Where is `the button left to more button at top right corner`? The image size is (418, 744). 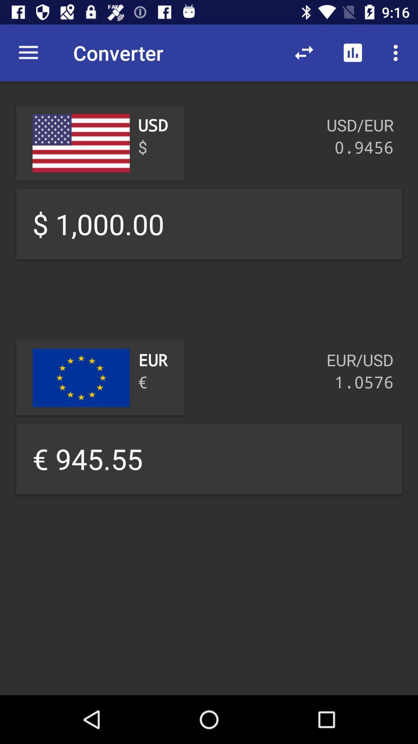 the button left to more button at top right corner is located at coordinates (353, 53).